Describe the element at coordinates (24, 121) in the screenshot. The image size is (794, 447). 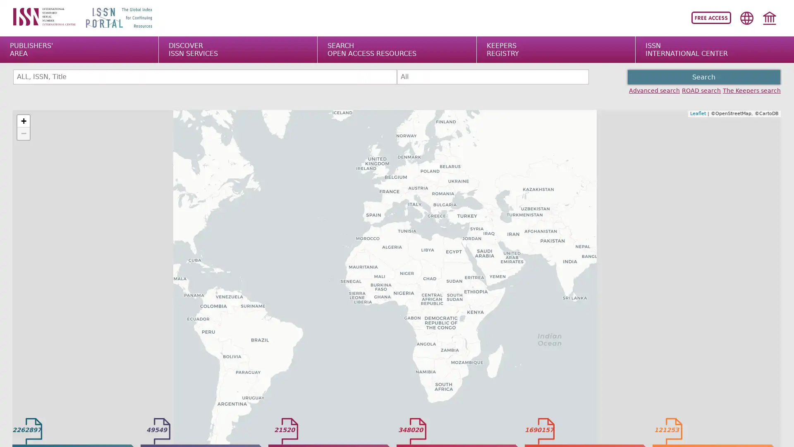
I see `Zoom in` at that location.